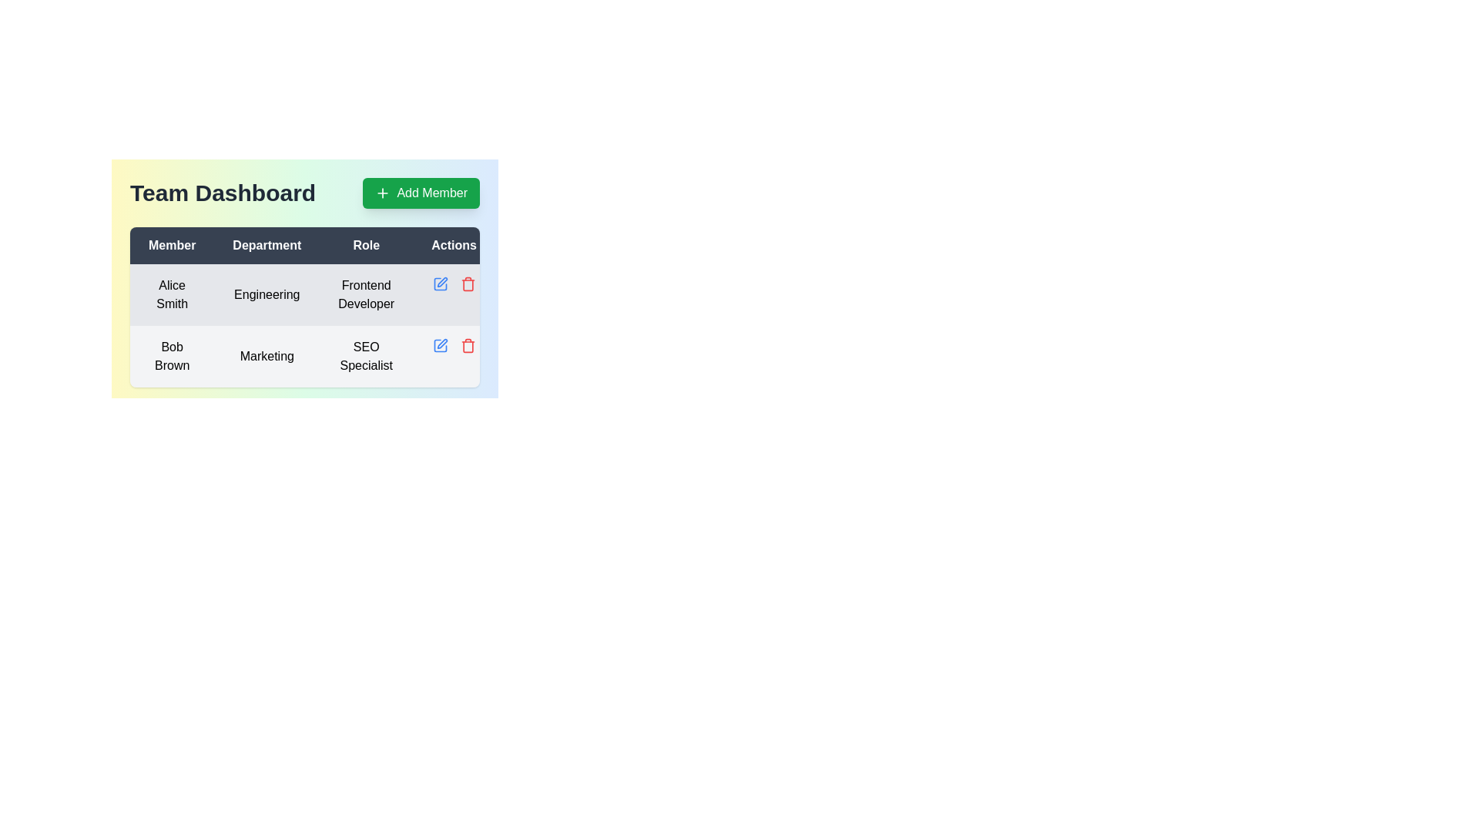 This screenshot has height=832, width=1479. Describe the element at coordinates (365, 294) in the screenshot. I see `the text label displaying 'Frontend Developer' located in the third column of the first row beneath the 'Role' column header` at that location.